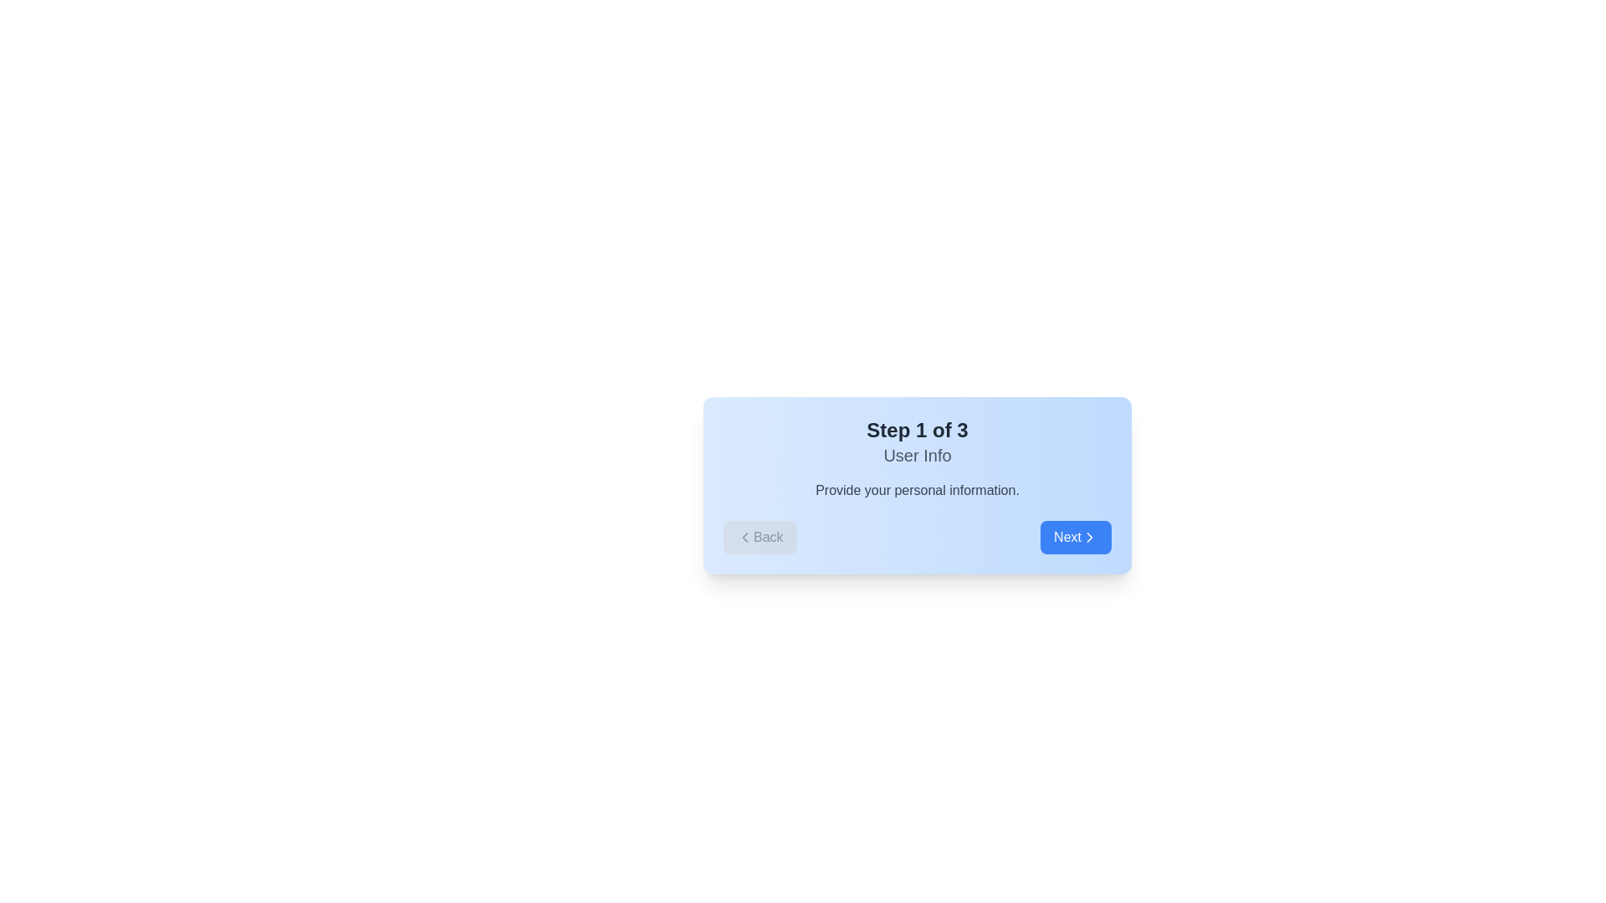  What do you see at coordinates (759, 538) in the screenshot?
I see `the 'Back' button, which is a light gray rectangular button with rounded corners containing the word 'Back' in gray text and an adjacent arrow icon, positioned on the left side of a horizontal button group` at bounding box center [759, 538].